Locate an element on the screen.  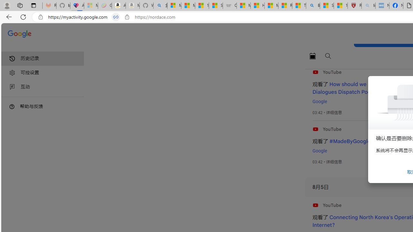
'Class: i2GIId' is located at coordinates (12, 87).